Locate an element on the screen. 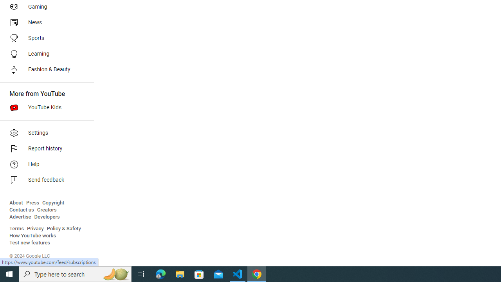 Image resolution: width=501 pixels, height=282 pixels. 'News' is located at coordinates (44, 22).